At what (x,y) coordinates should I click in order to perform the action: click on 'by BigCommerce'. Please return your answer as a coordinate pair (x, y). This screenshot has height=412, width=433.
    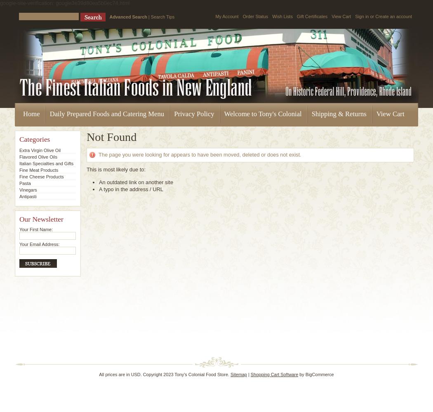
    Looking at the image, I should click on (315, 375).